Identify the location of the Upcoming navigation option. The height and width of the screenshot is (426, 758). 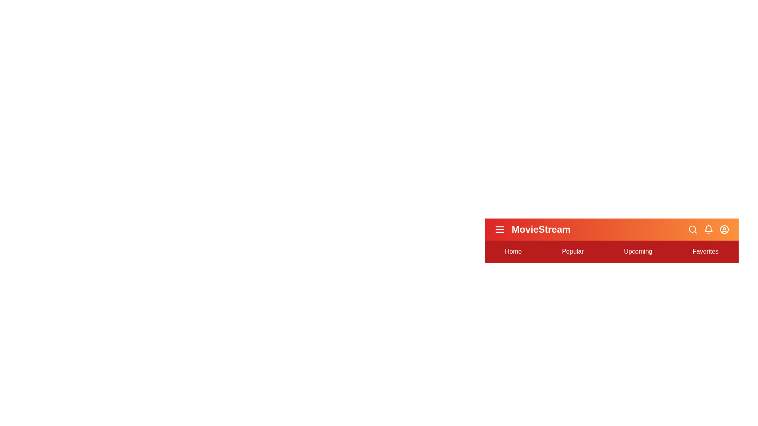
(638, 251).